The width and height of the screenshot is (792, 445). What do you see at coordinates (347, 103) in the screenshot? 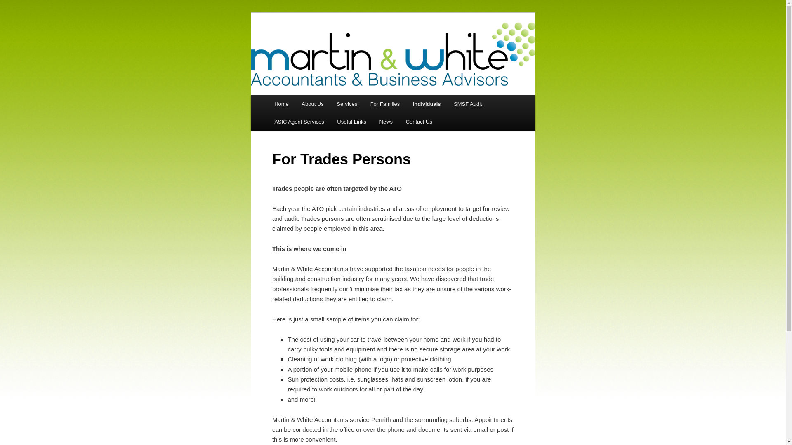
I see `'Services'` at bounding box center [347, 103].